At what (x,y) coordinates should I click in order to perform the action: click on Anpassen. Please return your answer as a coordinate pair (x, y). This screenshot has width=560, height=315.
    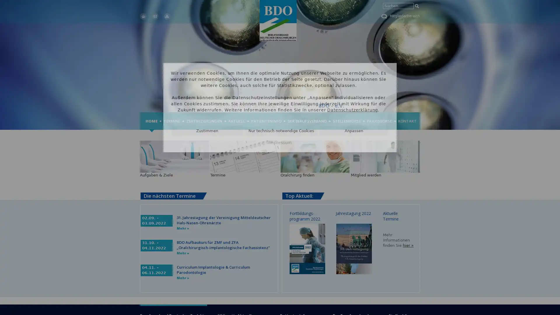
    Looking at the image, I should click on (353, 130).